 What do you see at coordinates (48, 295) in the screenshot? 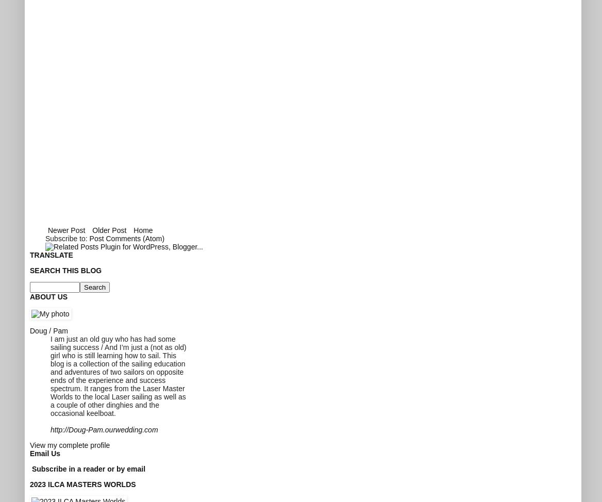
I see `'About Us'` at bounding box center [48, 295].